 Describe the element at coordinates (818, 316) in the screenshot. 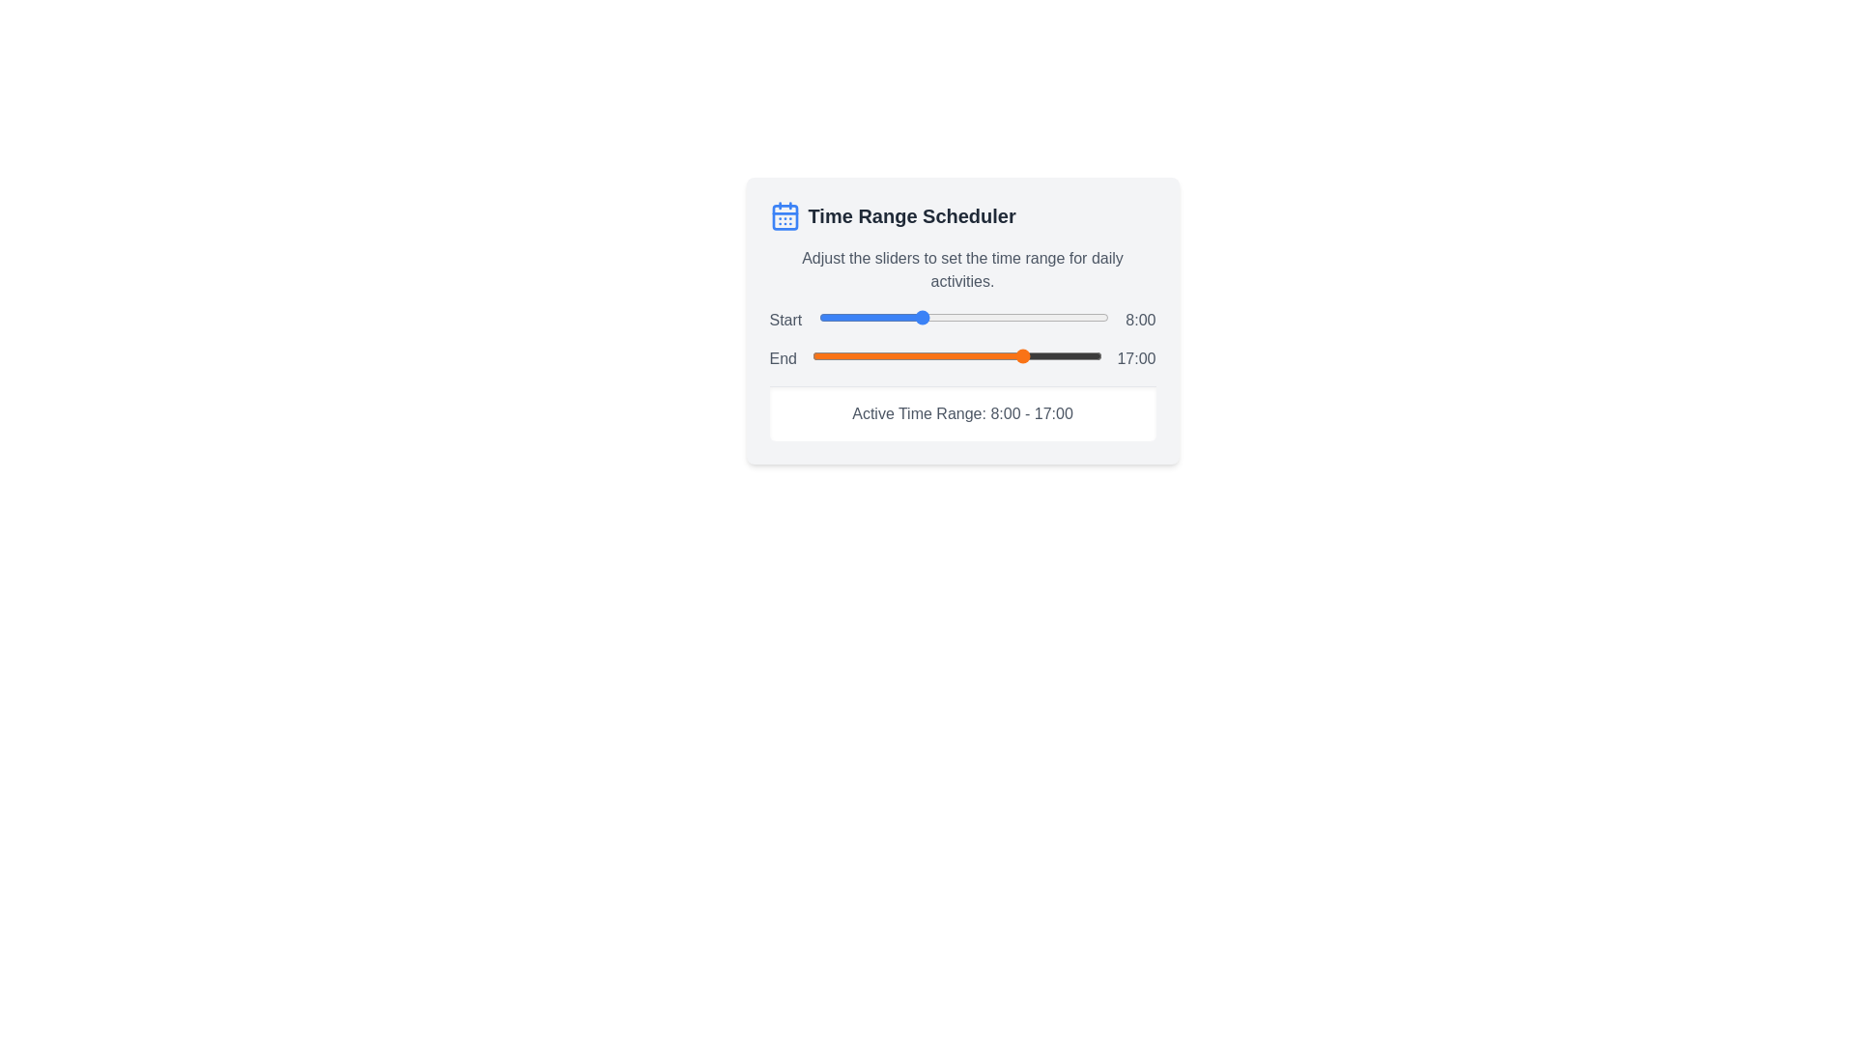

I see `the start time slider to 0 hours` at that location.